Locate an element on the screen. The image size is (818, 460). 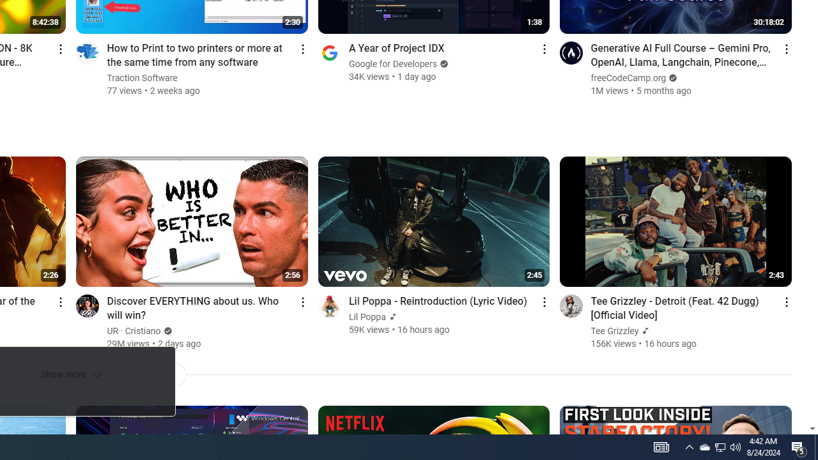
'Action menu' is located at coordinates (785, 302).